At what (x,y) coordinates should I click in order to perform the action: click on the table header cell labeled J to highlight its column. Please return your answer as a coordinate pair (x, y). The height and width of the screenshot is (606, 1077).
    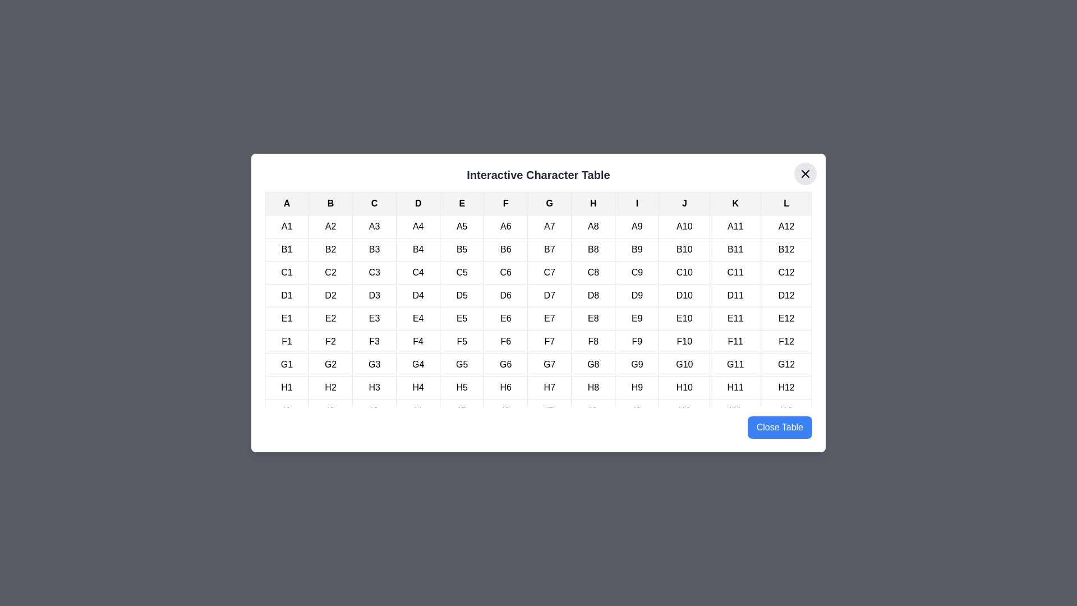
    Looking at the image, I should click on (684, 203).